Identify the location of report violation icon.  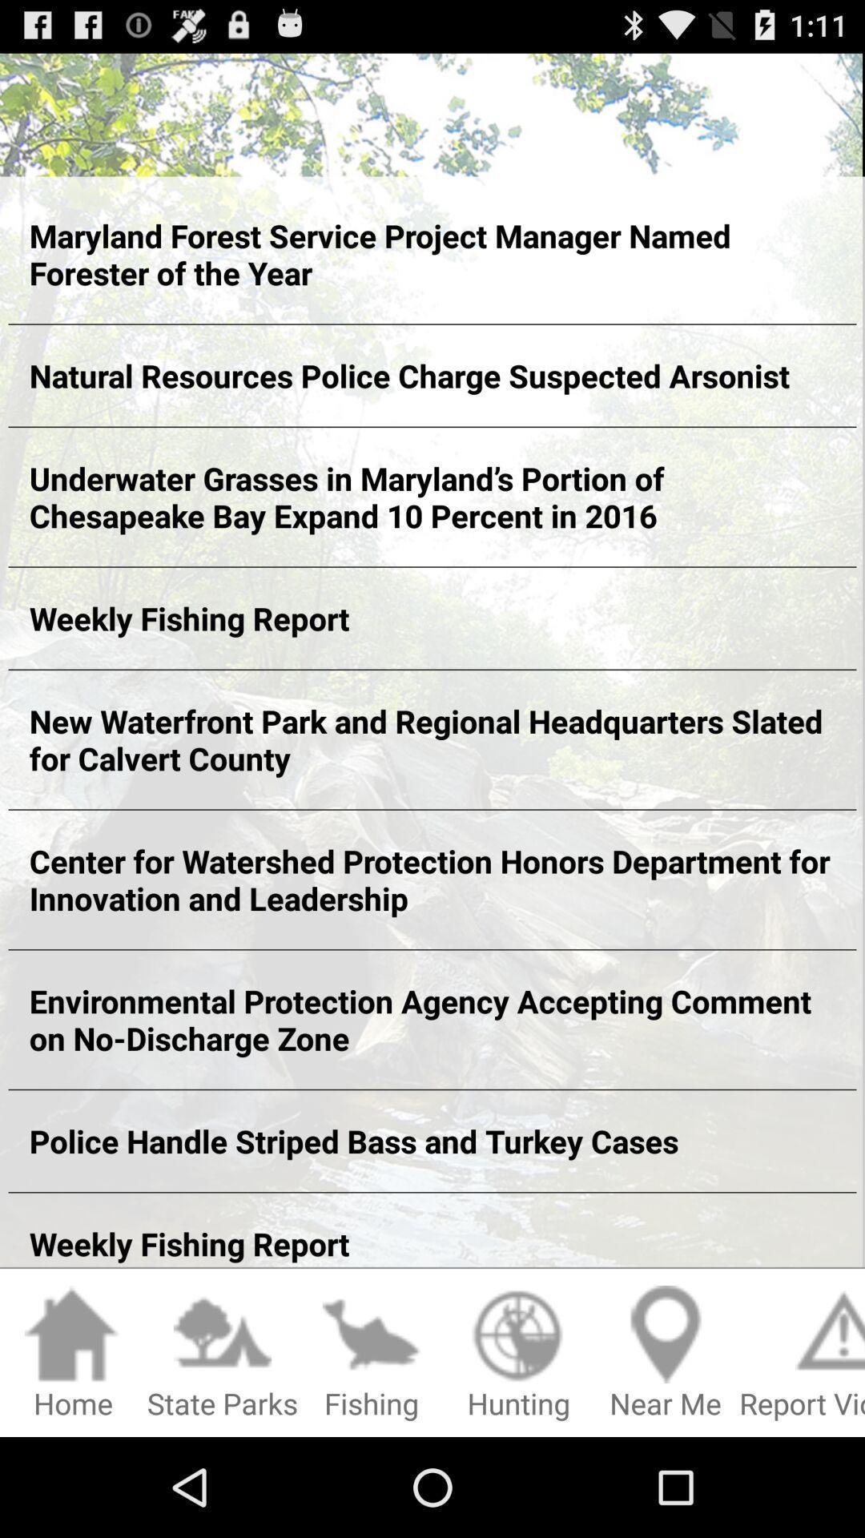
(802, 1353).